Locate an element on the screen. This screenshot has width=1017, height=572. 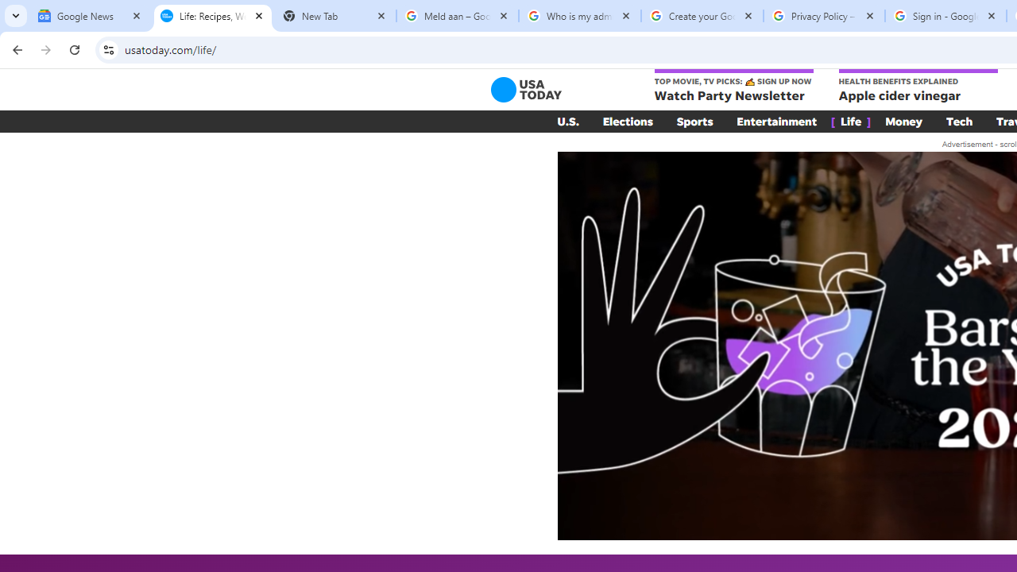
'Create your Google Account' is located at coordinates (701, 16).